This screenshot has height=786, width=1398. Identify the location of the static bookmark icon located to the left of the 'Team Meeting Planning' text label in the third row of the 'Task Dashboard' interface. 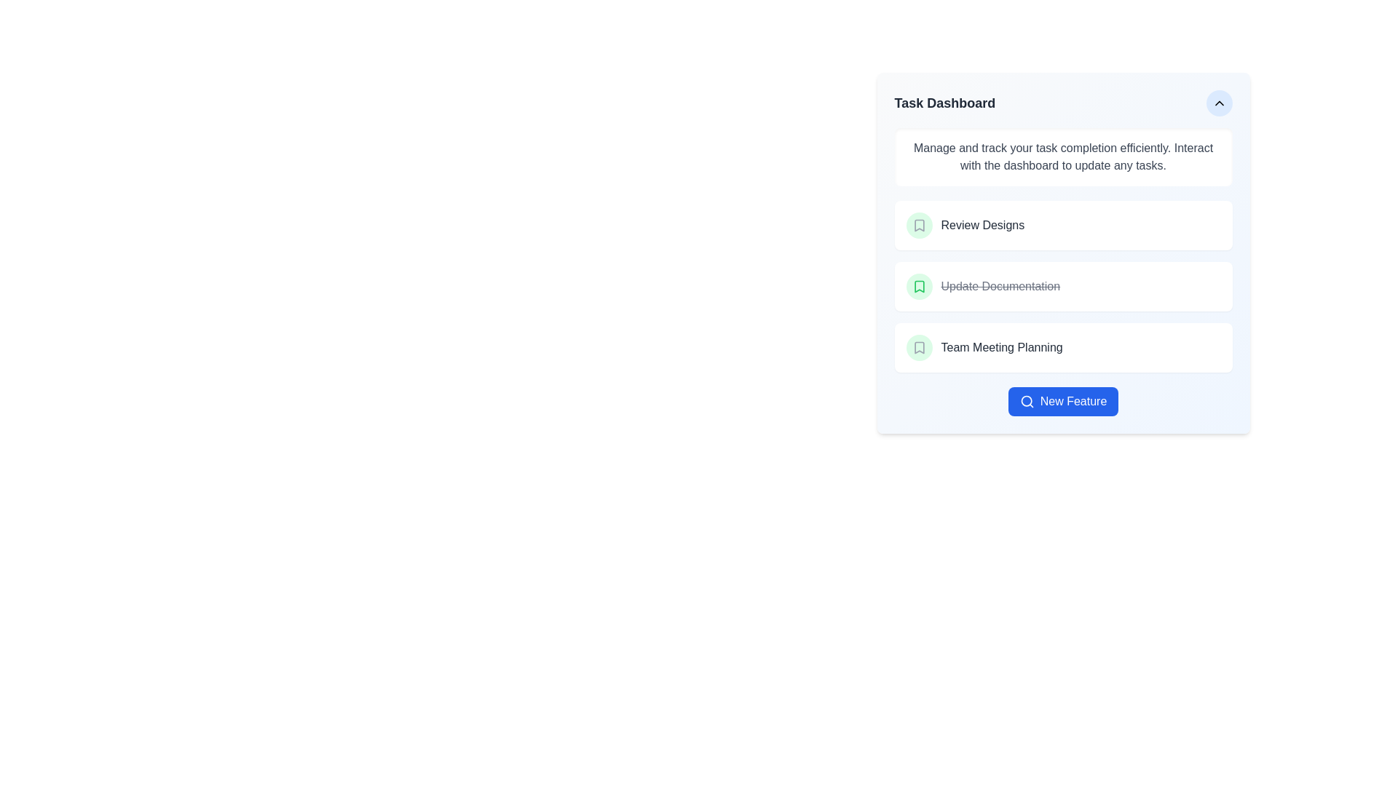
(918, 348).